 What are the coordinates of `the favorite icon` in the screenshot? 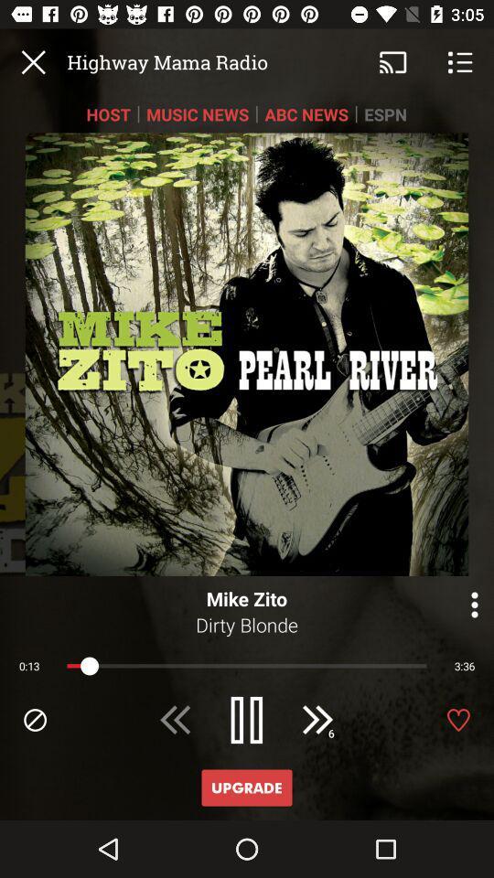 It's located at (457, 720).